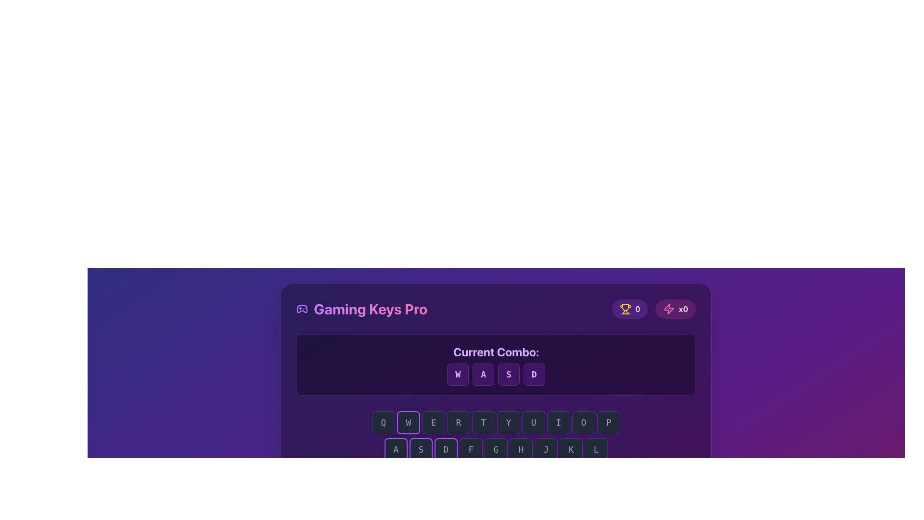  Describe the element at coordinates (630, 309) in the screenshot. I see `the first informational tag in the top-right section of the interface, which features a purple background with a yellow trophy icon and the number '0' in bold, light purple text` at that location.